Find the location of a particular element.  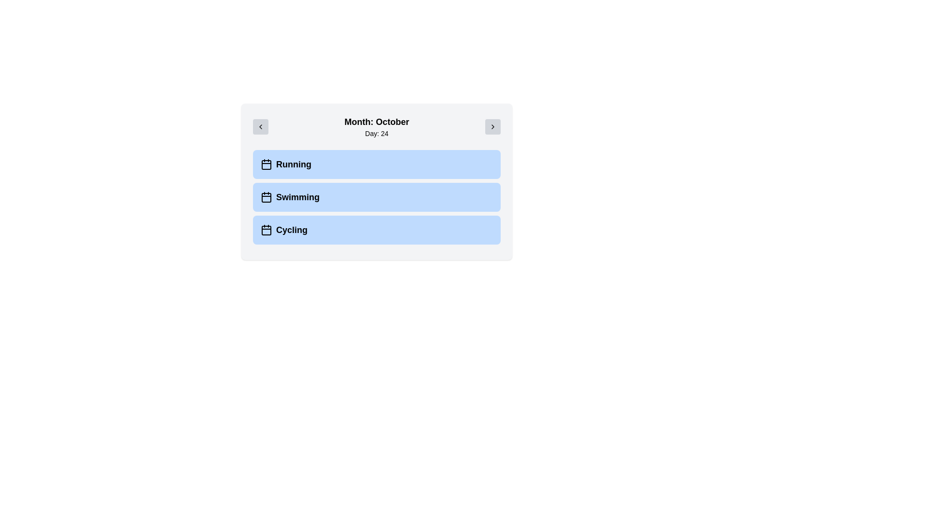

on the 'Swimming' activity card, which is the middle item in a vertical list of activity cards, positioned between 'Running' above and 'Cycling' below is located at coordinates (376, 196).